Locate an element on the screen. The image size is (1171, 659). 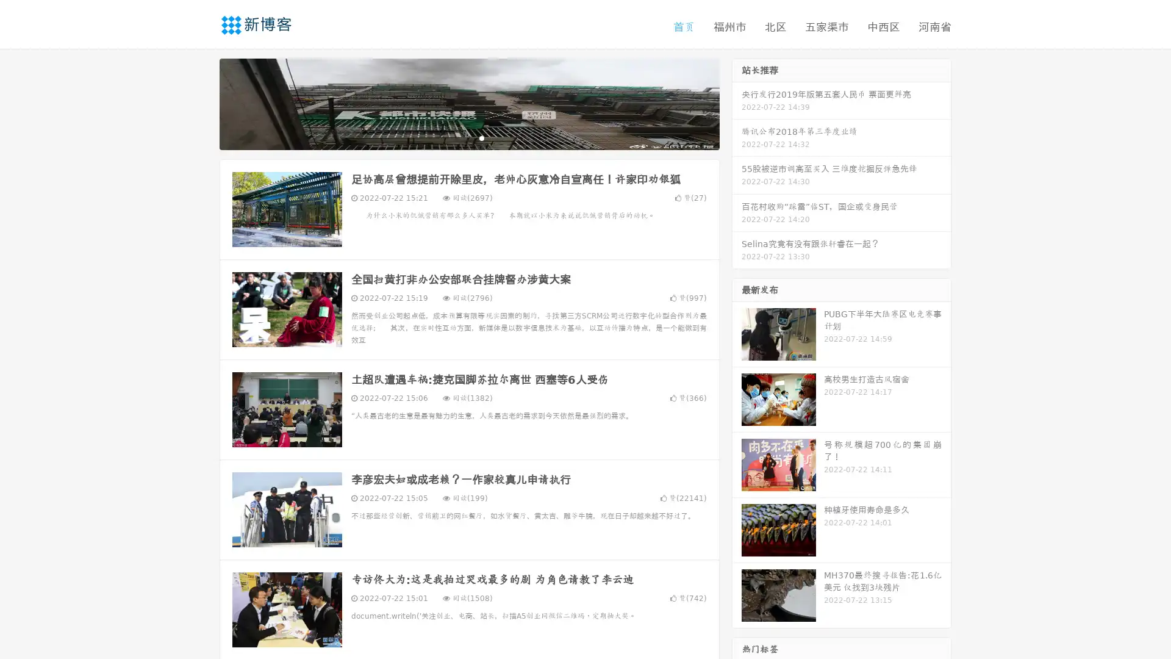
Previous slide is located at coordinates (201, 103).